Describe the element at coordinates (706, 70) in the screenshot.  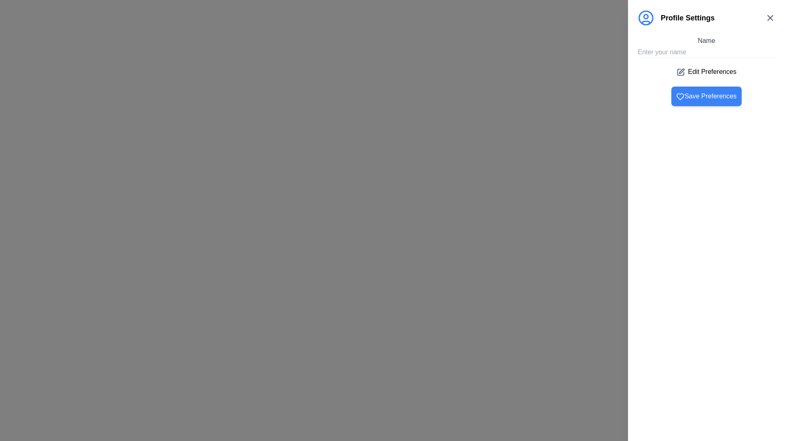
I see `the 'Edit Preferences' button located in the Profile Settings section, which includes a title label 'Name', an input field for entering a name, and buttons for editing and saving preferences` at that location.